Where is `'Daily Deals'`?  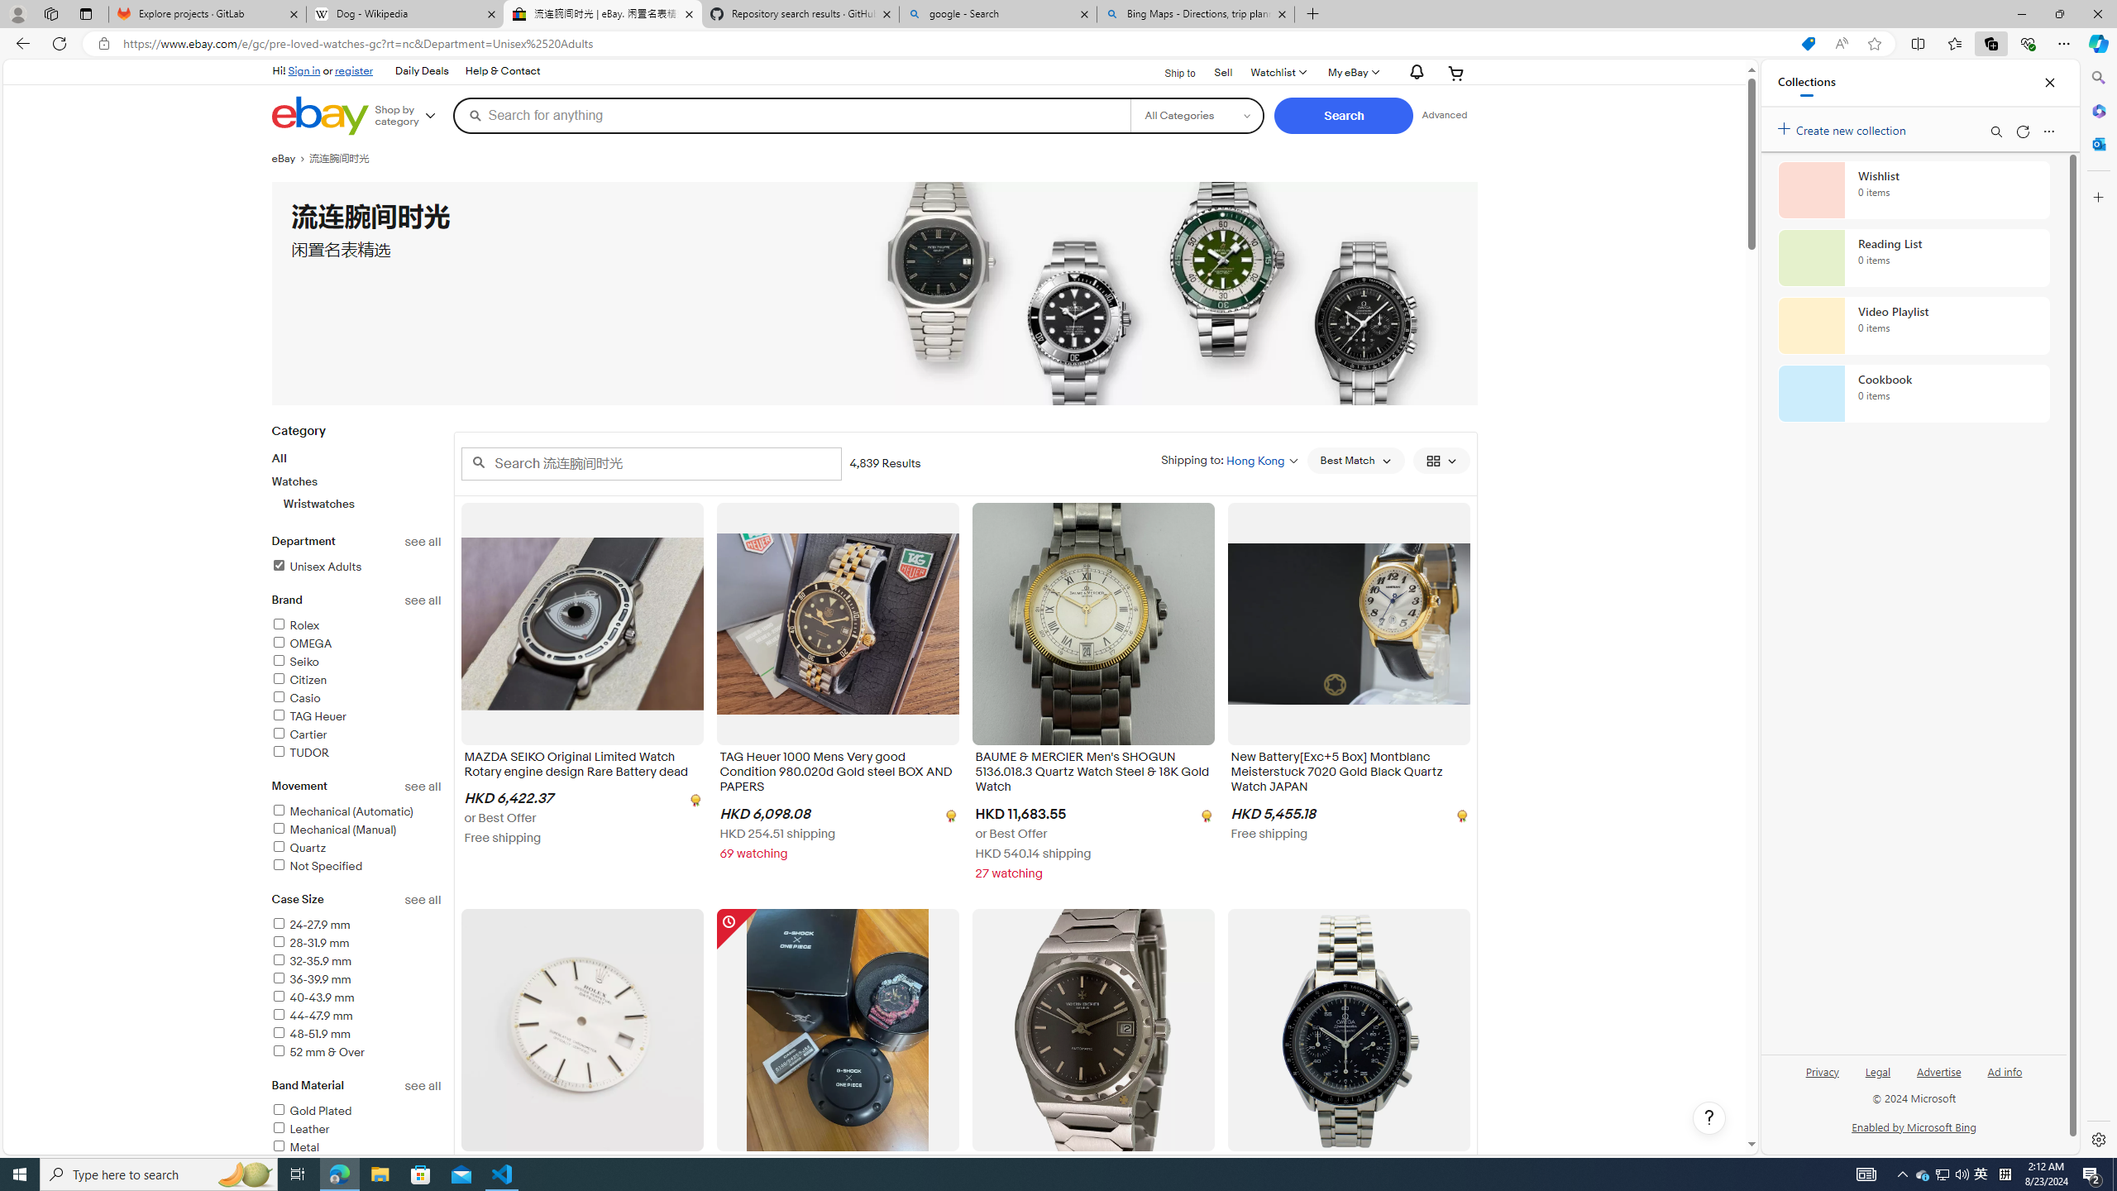
'Daily Deals' is located at coordinates (421, 72).